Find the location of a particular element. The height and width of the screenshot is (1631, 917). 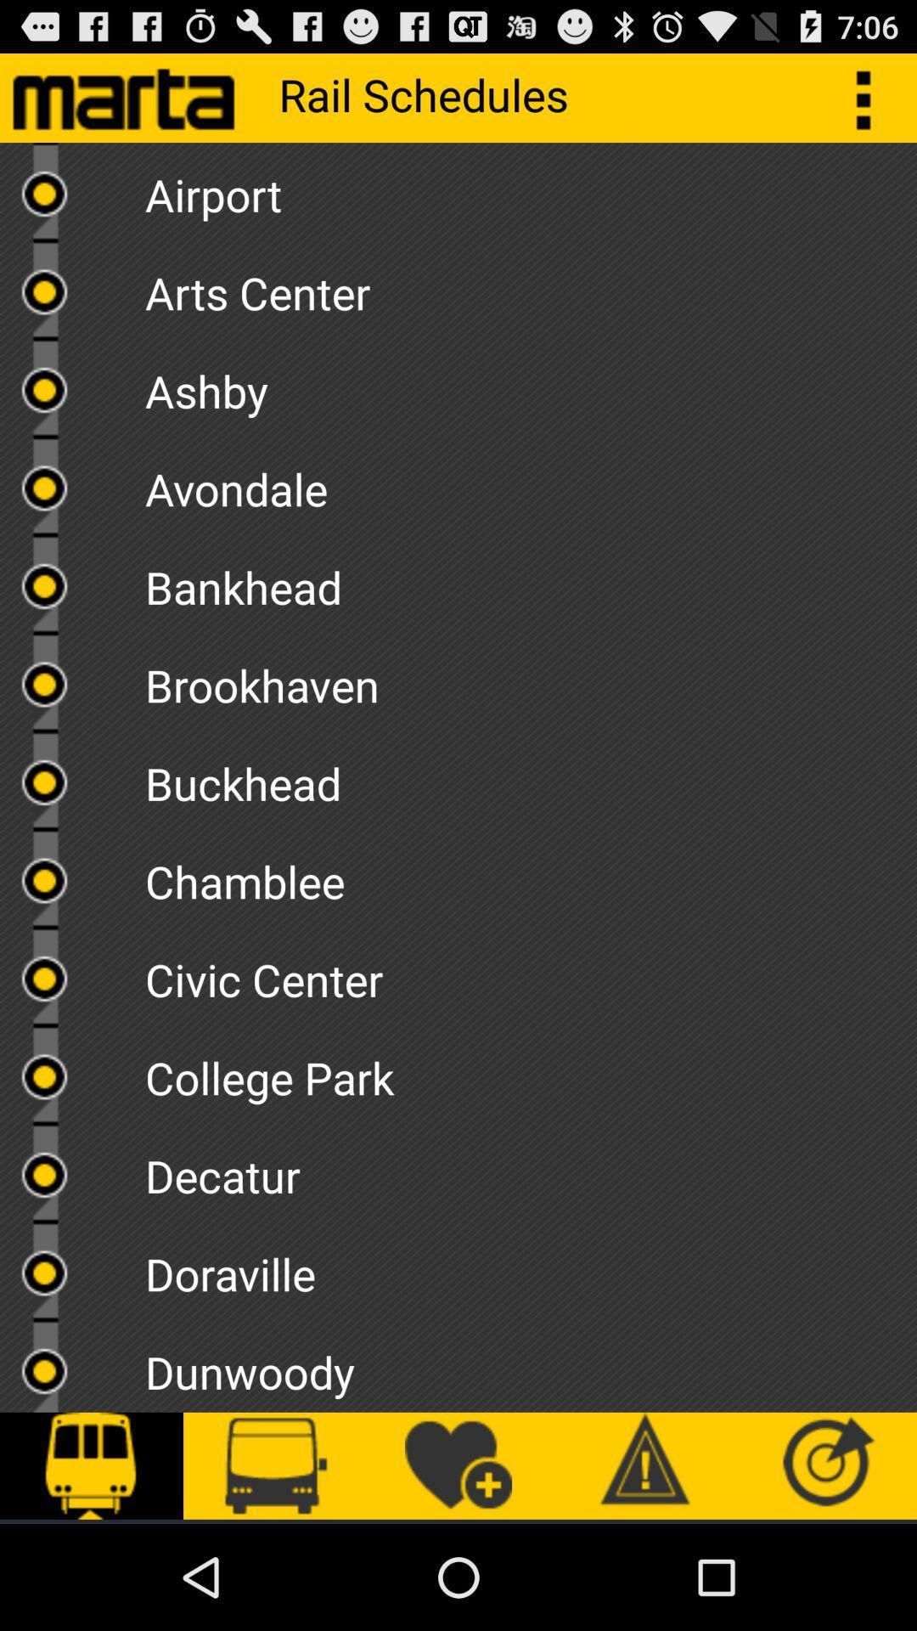

icon at the top right corner is located at coordinates (872, 97).